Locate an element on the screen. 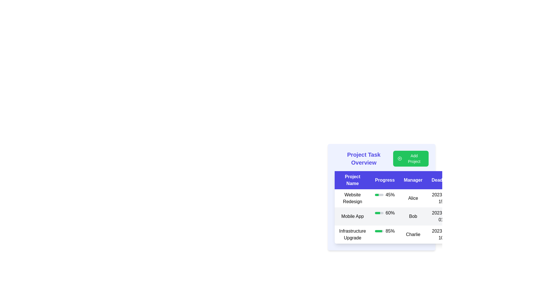 The height and width of the screenshot is (306, 545). text label displaying 'Mobile App' located in the second row under the 'Project Name' column of the table is located at coordinates (352, 216).